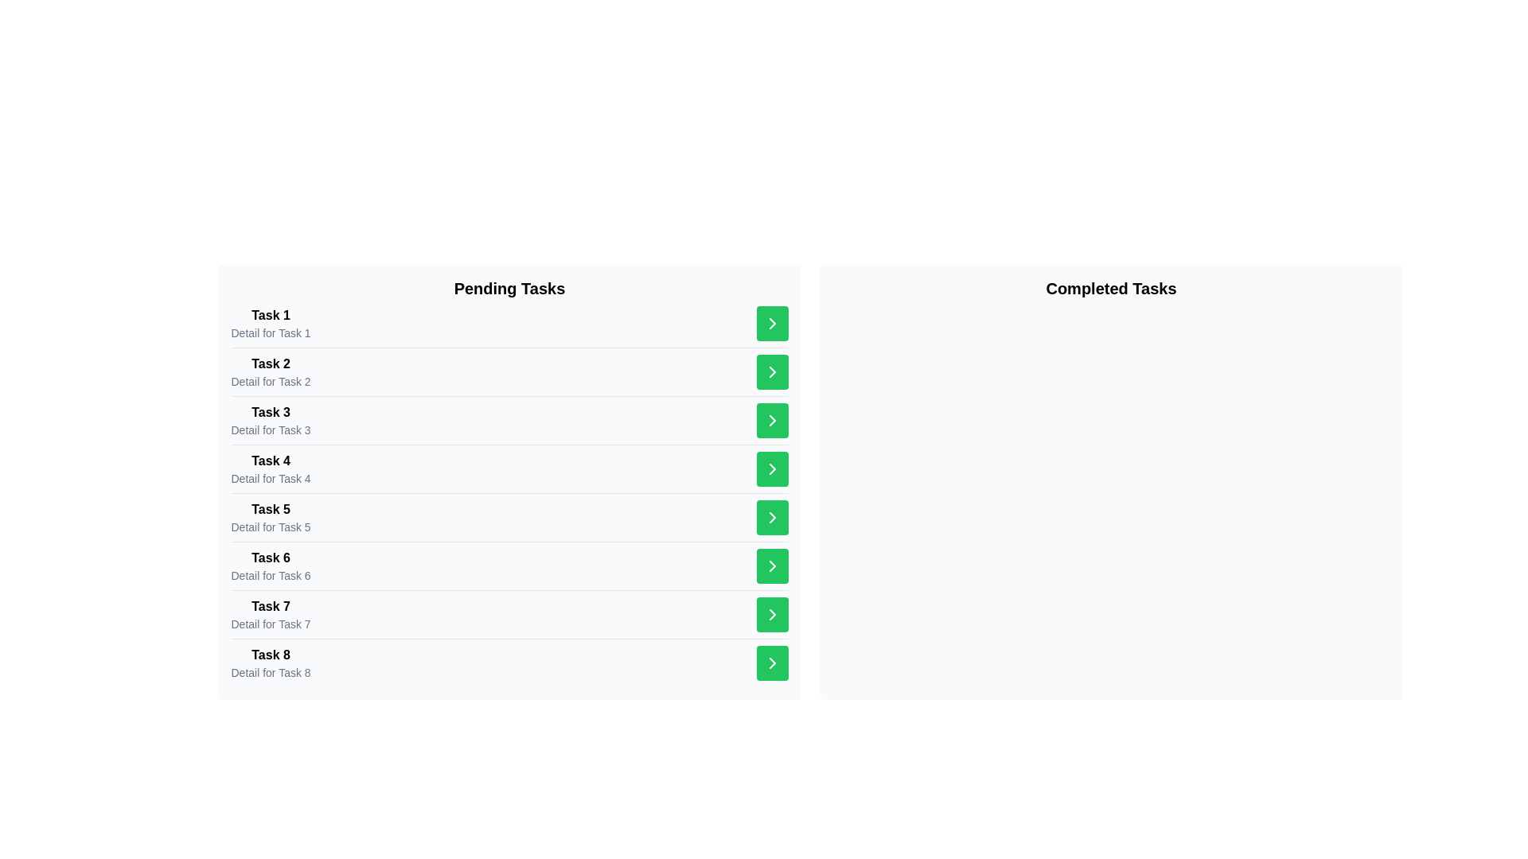  What do you see at coordinates (772, 663) in the screenshot?
I see `the button located on the right side of the row labeled 'Task 8'` at bounding box center [772, 663].